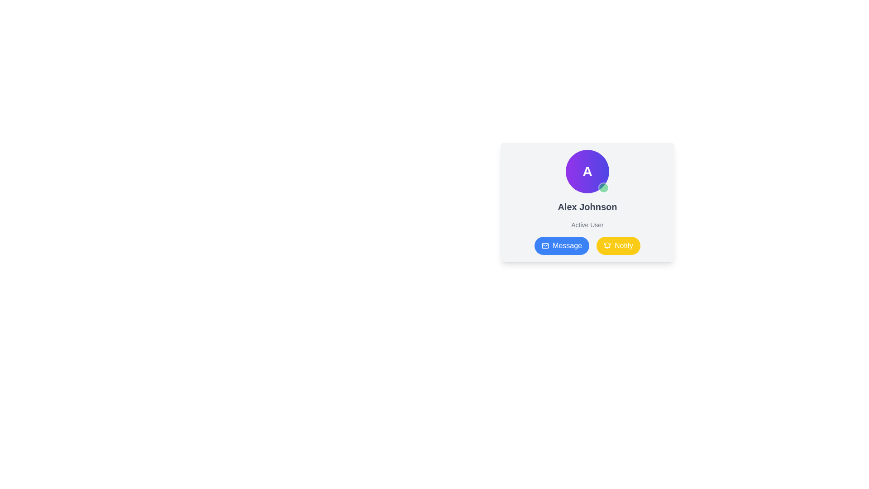 Image resolution: width=869 pixels, height=489 pixels. What do you see at coordinates (544, 246) in the screenshot?
I see `the inner rectangle of the envelope-shaped icon located within the blue 'Message' button below Alex Johnson's profile information` at bounding box center [544, 246].